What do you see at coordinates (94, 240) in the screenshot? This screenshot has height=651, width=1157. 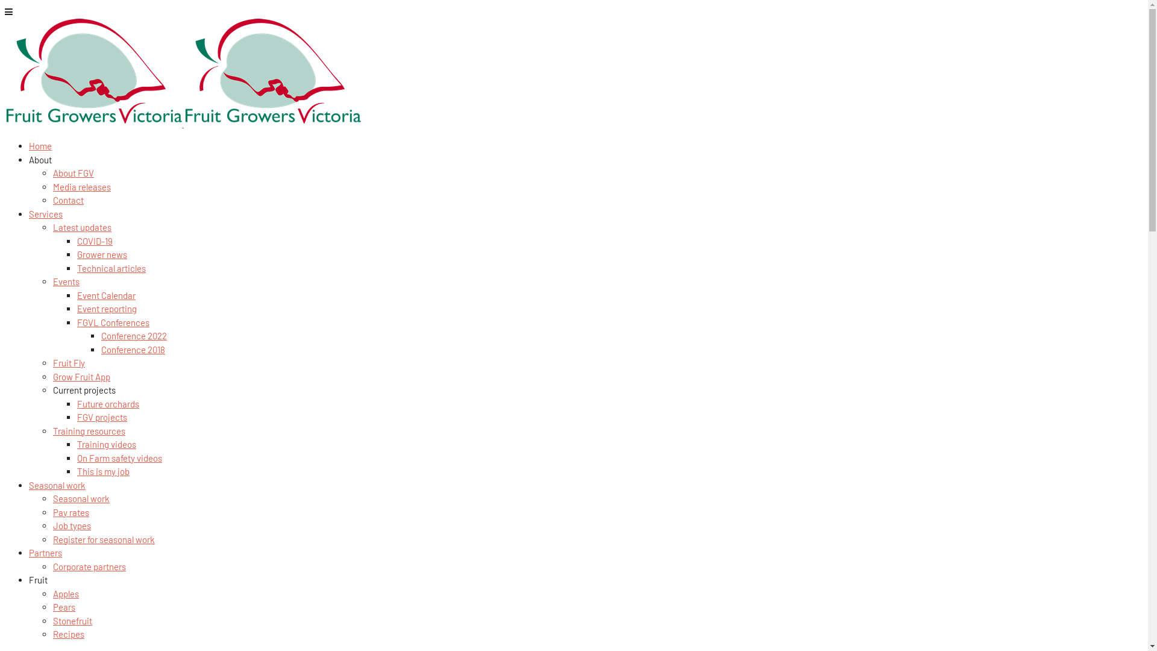 I see `'COVID-19'` at bounding box center [94, 240].